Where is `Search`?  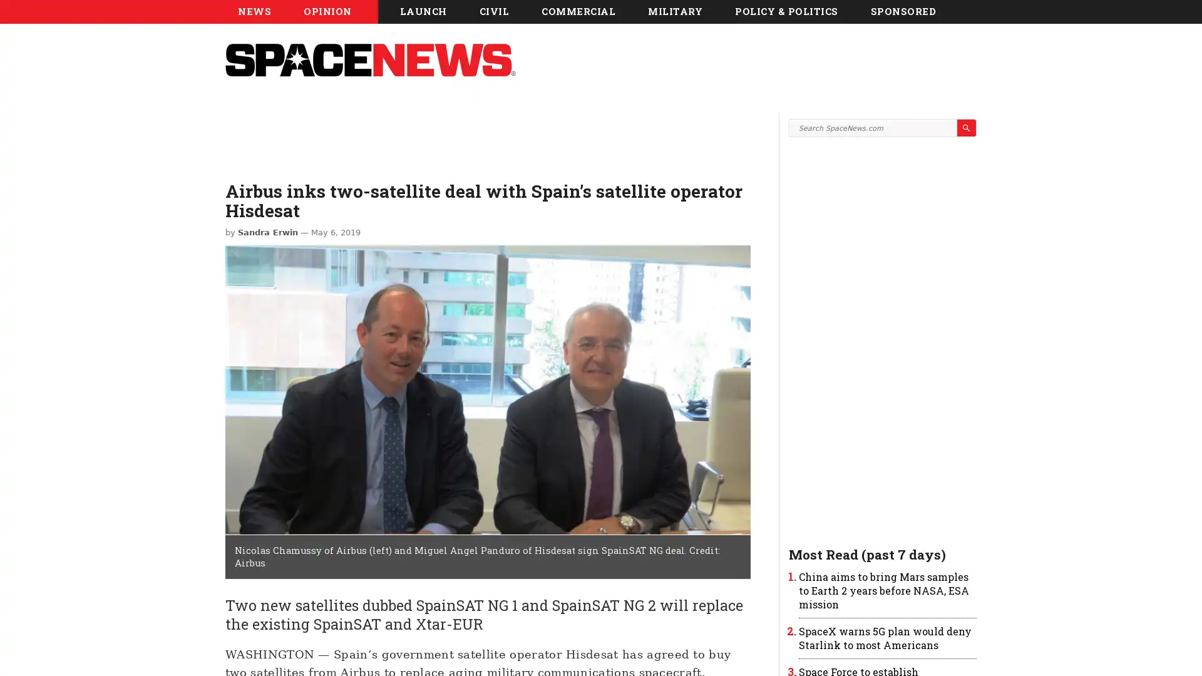 Search is located at coordinates (966, 128).